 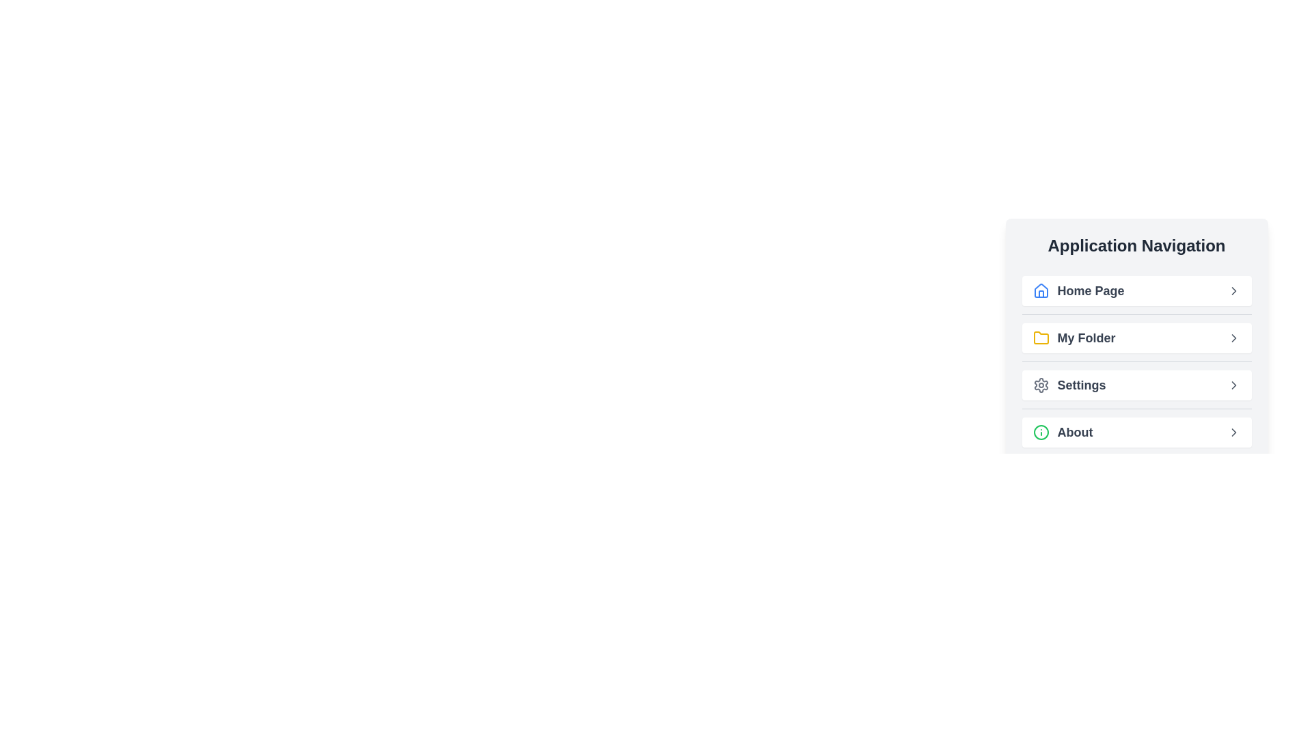 What do you see at coordinates (1085, 338) in the screenshot?
I see `'My Folder' navigation option text label located on the second row of the 'Application Navigation' menu using developer tools` at bounding box center [1085, 338].